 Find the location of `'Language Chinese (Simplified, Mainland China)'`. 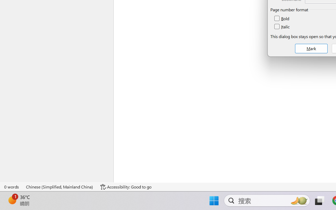

'Language Chinese (Simplified, Mainland China)' is located at coordinates (60, 187).